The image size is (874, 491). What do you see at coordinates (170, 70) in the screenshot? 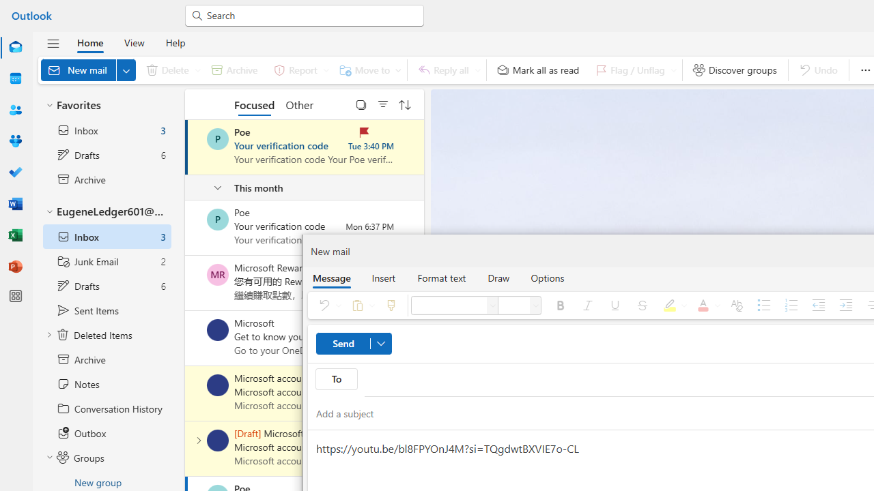
I see `'Delete'` at bounding box center [170, 70].